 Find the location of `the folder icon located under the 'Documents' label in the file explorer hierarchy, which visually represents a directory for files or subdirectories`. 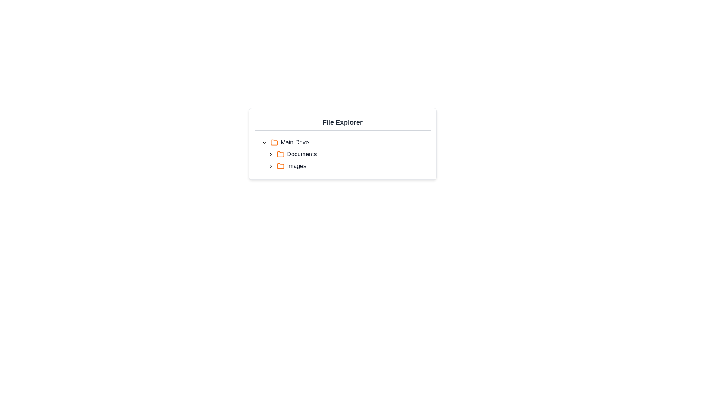

the folder icon located under the 'Documents' label in the file explorer hierarchy, which visually represents a directory for files or subdirectories is located at coordinates (280, 154).